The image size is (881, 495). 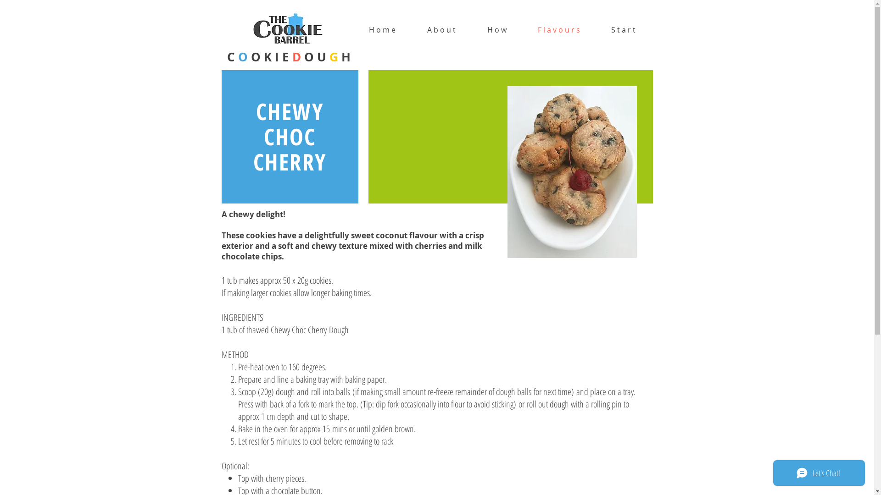 I want to click on 'F l a v o u r s', so click(x=558, y=29).